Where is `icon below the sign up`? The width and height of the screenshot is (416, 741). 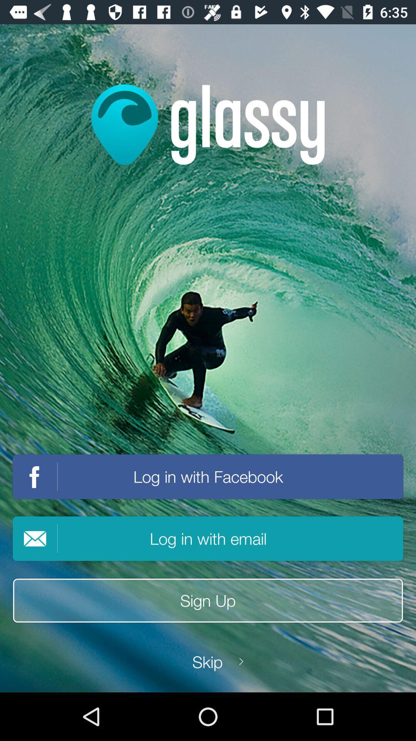 icon below the sign up is located at coordinates (207, 661).